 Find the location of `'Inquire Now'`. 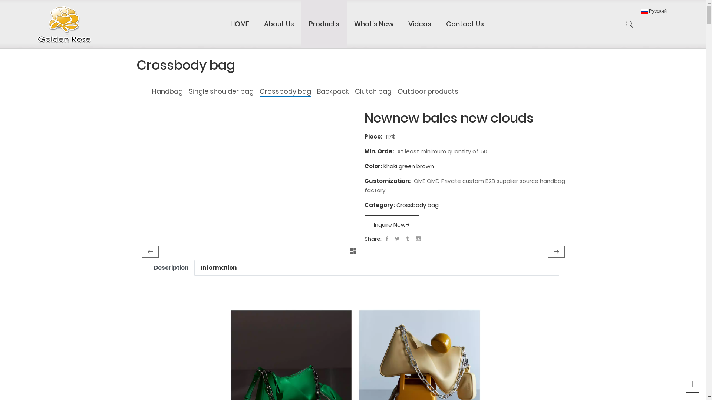

'Inquire Now' is located at coordinates (391, 224).